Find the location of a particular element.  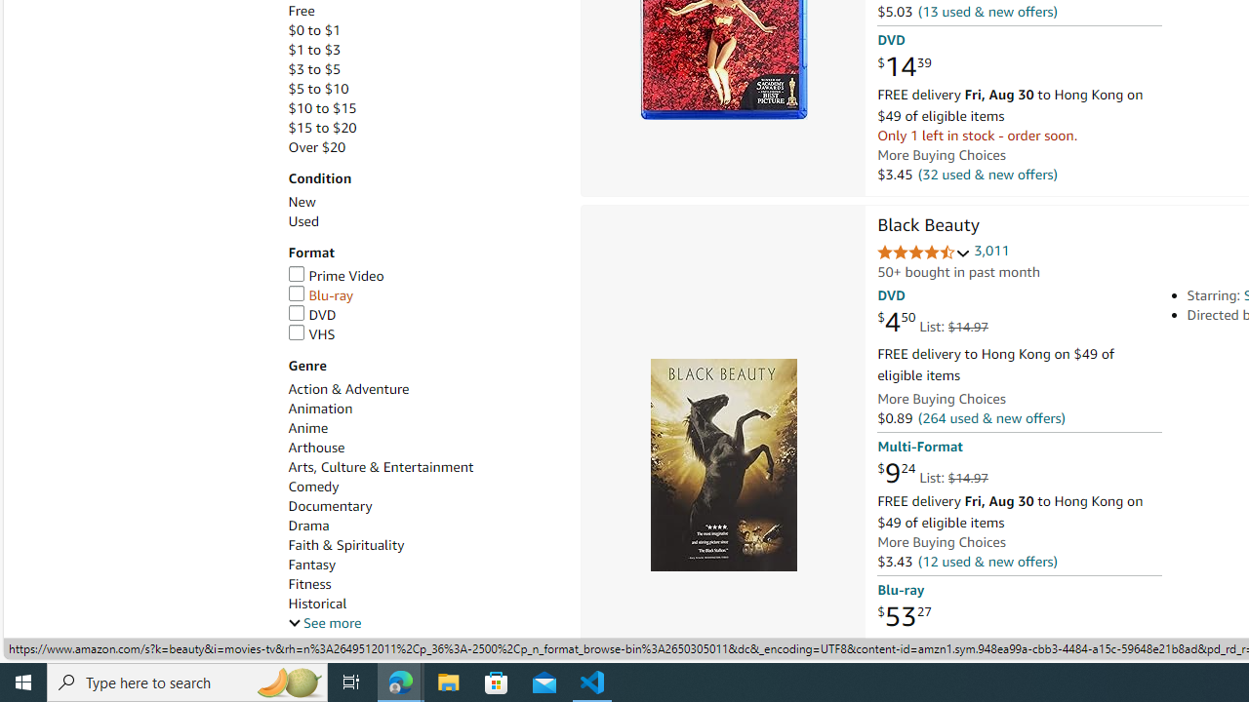

'Arts, Culture & Entertainment' is located at coordinates (381, 467).